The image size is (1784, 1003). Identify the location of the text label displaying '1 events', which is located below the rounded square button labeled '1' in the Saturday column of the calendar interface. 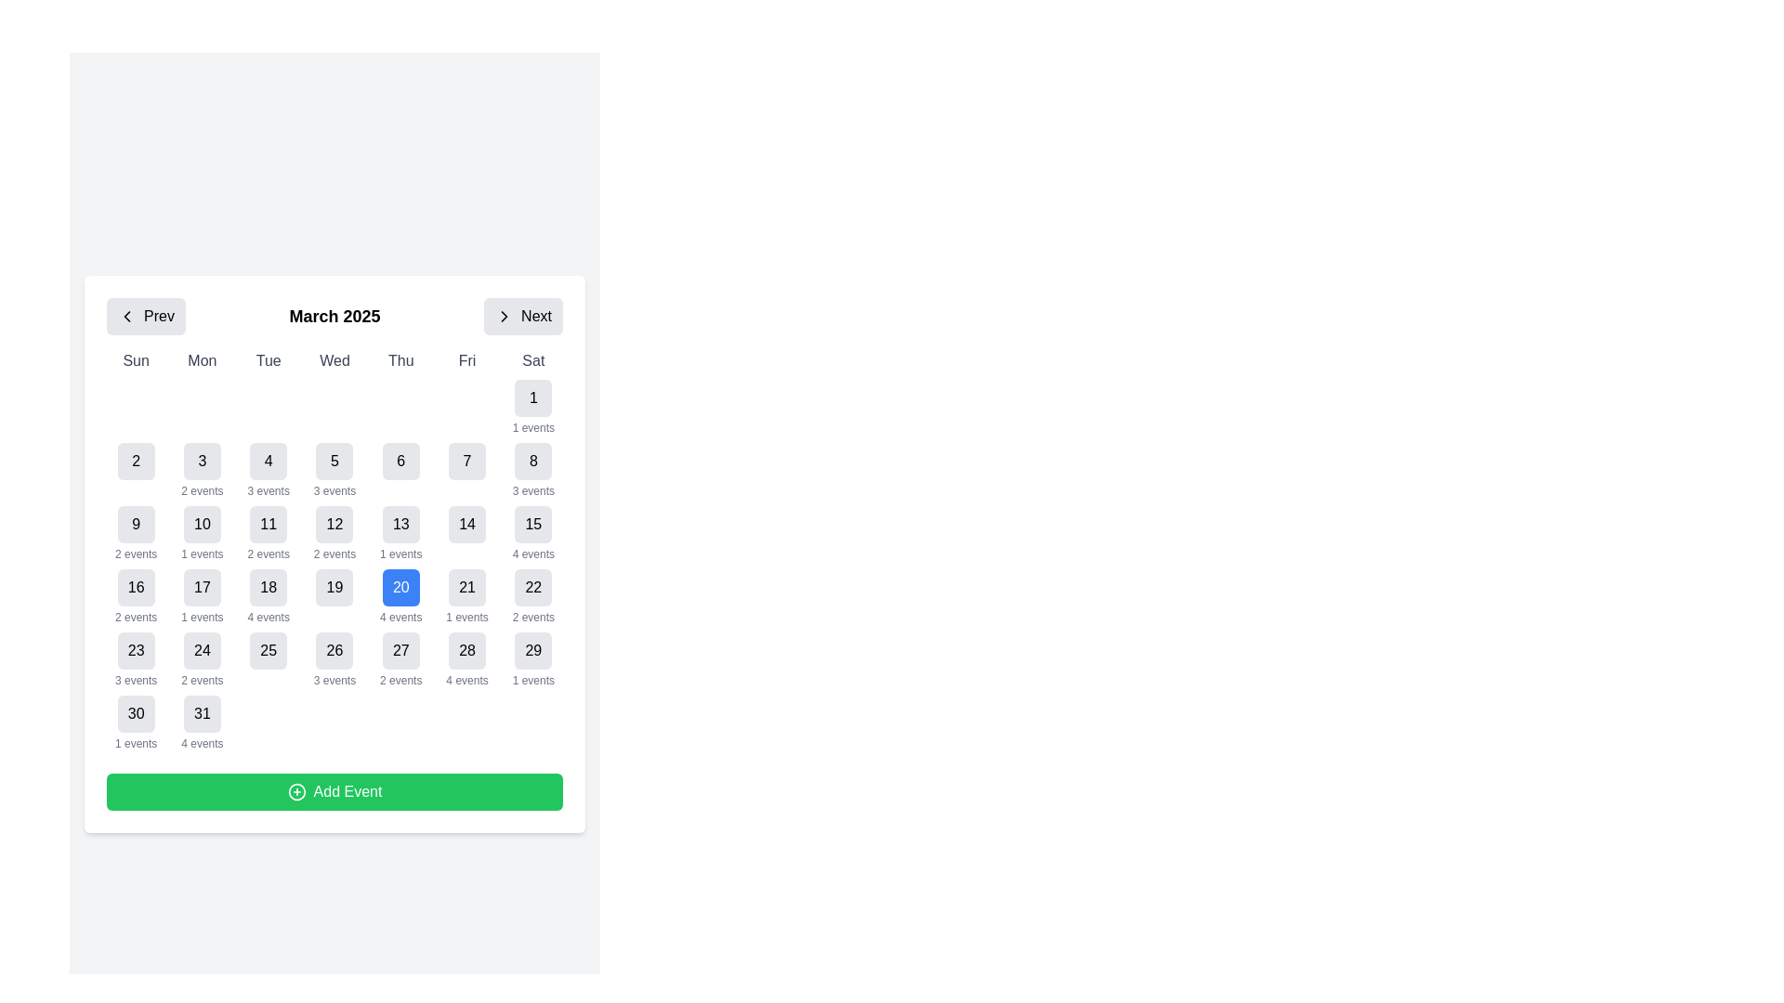
(532, 428).